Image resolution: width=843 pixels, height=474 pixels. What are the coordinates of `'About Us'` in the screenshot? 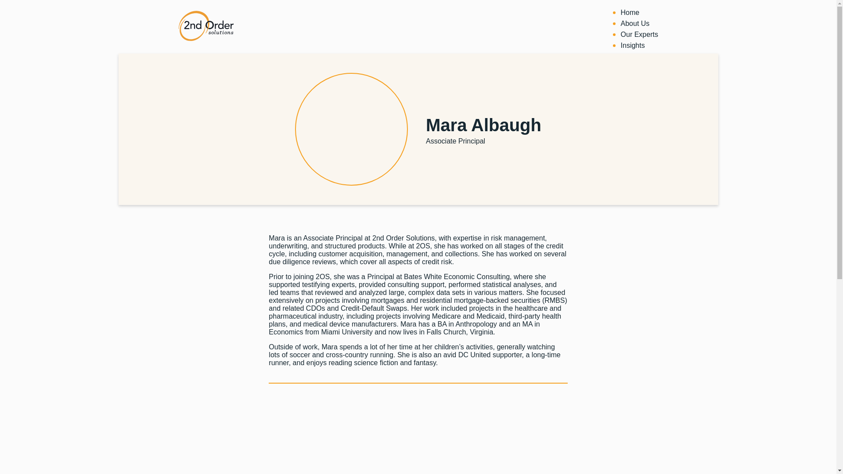 It's located at (635, 23).